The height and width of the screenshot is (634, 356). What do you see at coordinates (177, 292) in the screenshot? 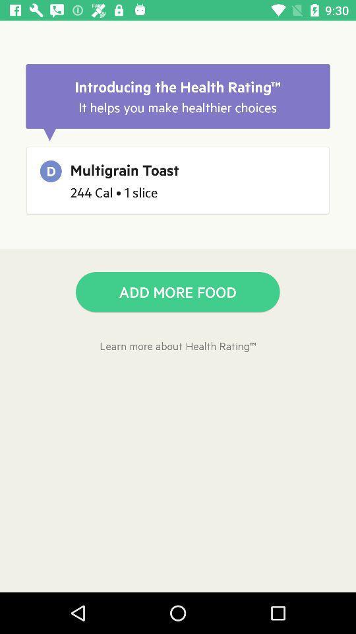
I see `icon above learn more about item` at bounding box center [177, 292].